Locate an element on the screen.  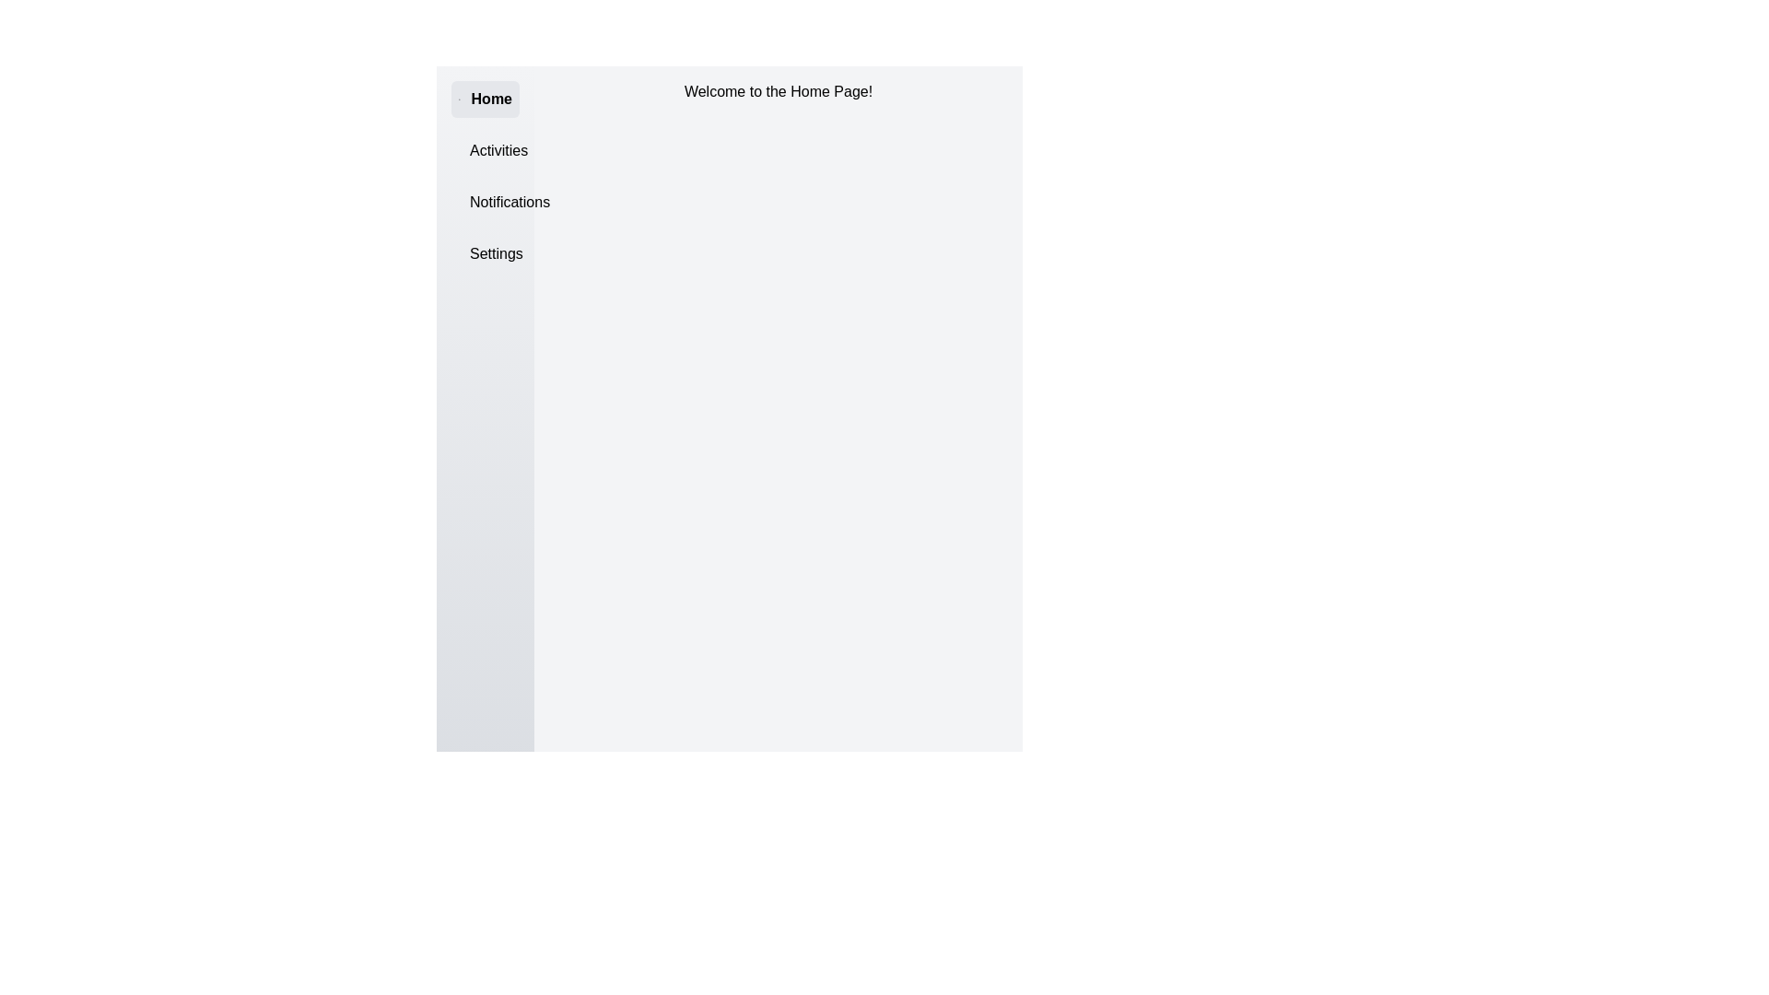
the 'Home' button with a light gray background and rounded corners is located at coordinates (486, 99).